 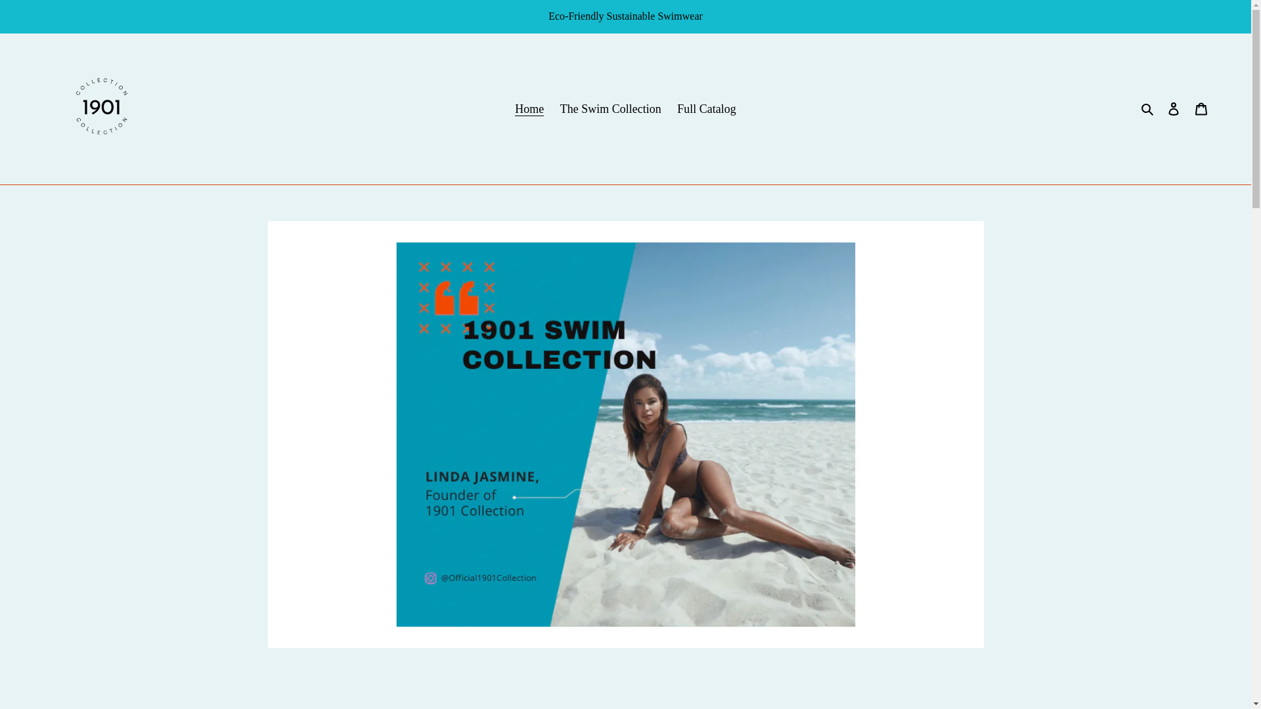 I want to click on 'The Swim Collection', so click(x=554, y=108).